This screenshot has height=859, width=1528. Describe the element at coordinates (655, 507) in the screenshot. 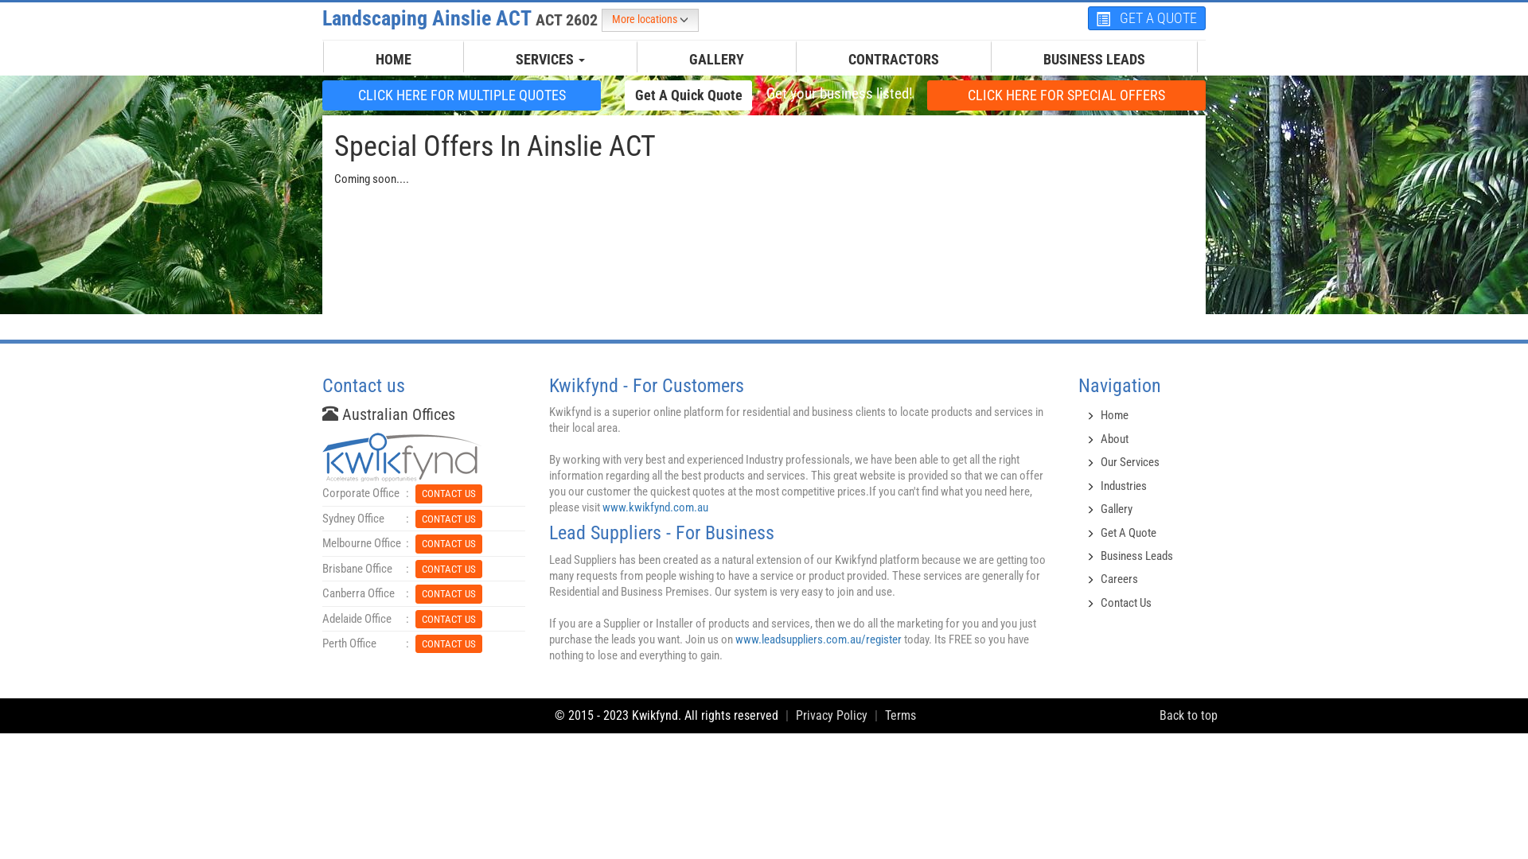

I see `'www.kwikfynd.com.au'` at that location.